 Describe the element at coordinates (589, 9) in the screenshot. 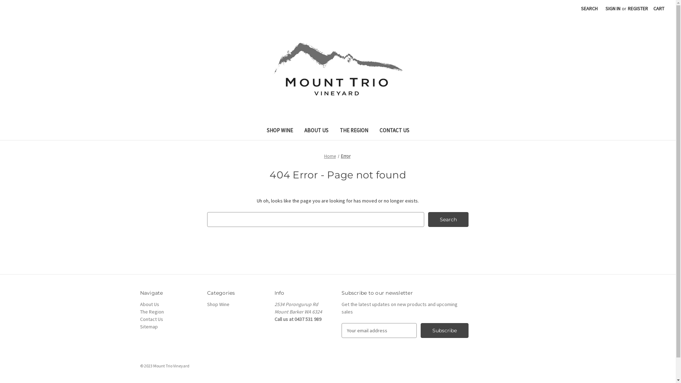

I see `'SEARCH'` at that location.